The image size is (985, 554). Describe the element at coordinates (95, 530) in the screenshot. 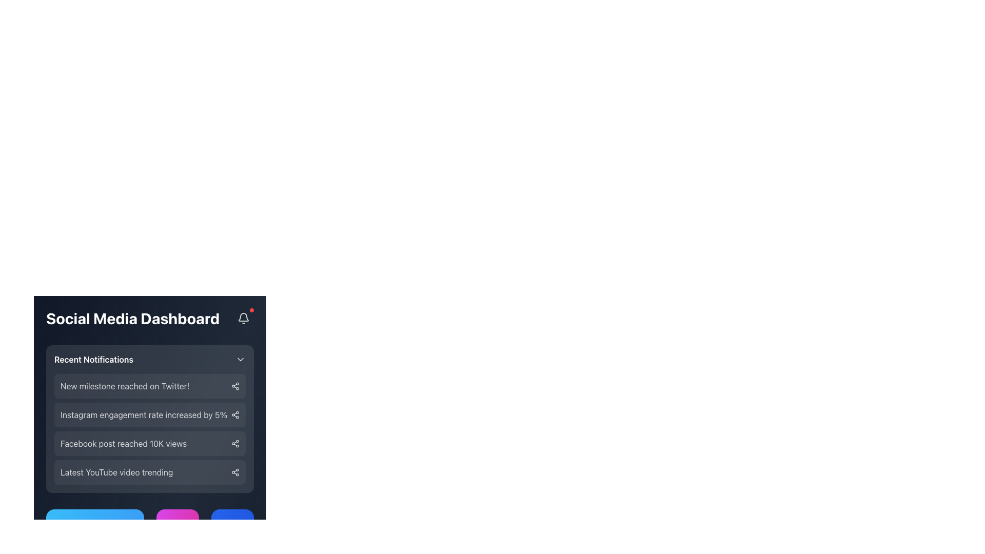

I see `the blue rectangular button located below the 'Recent Notifications' section of the social media dashboard` at that location.